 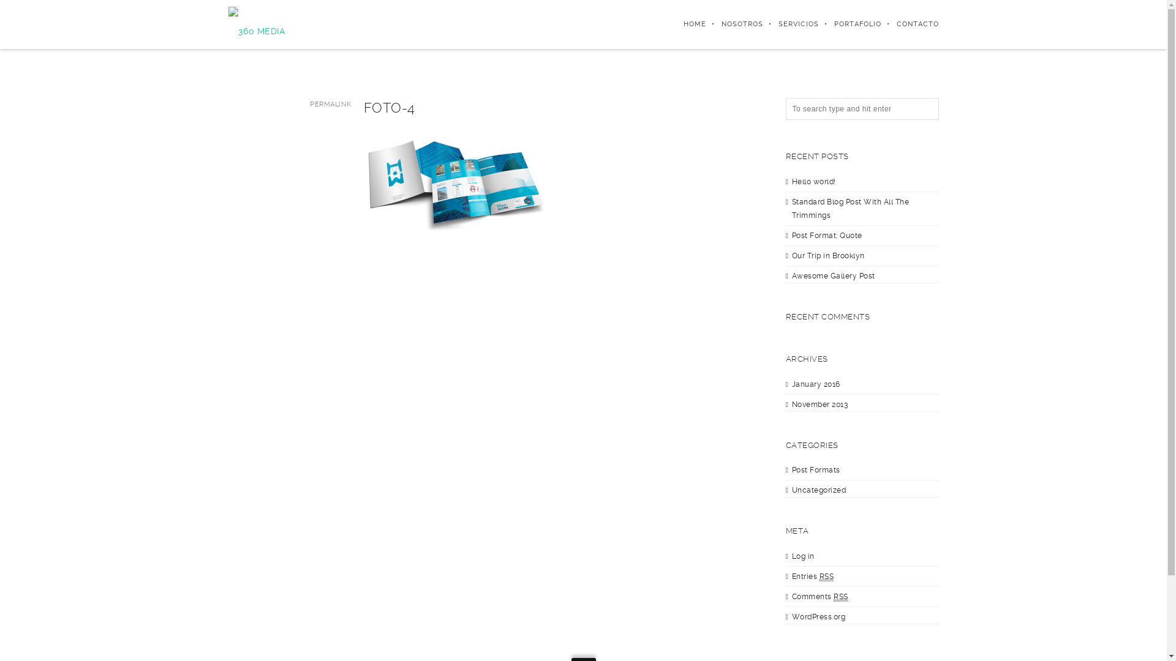 I want to click on 'Uncategorized', so click(x=818, y=490).